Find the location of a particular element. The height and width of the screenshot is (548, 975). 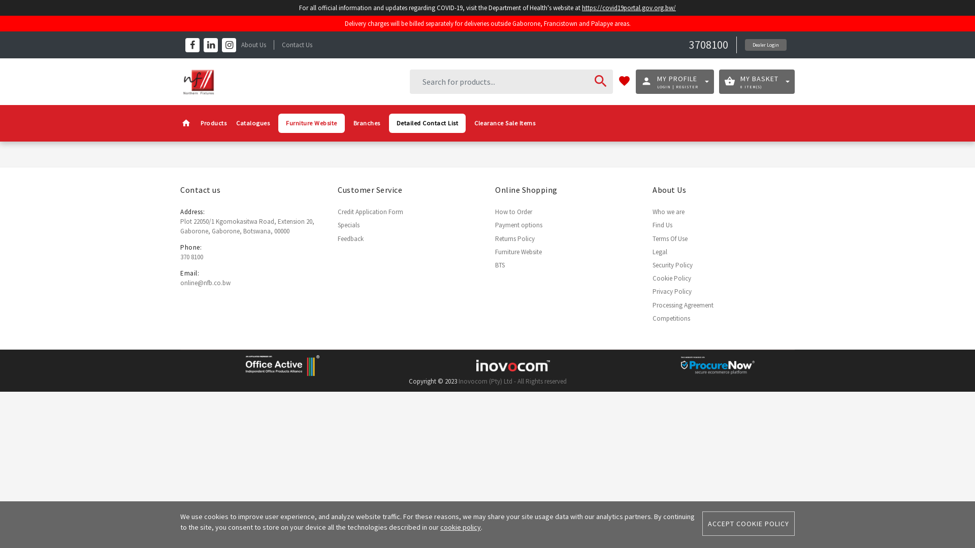

'Competitions' is located at coordinates (671, 318).